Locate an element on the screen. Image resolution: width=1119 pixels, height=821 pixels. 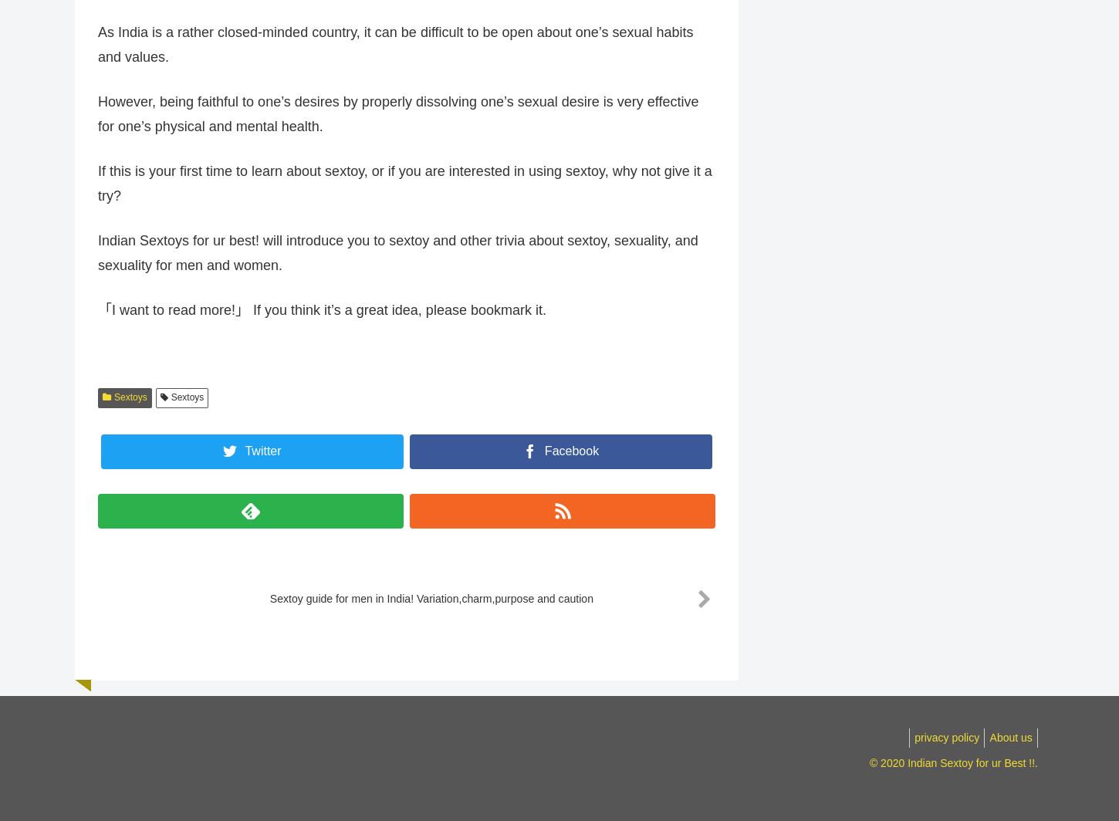
'However, being faithful to one’s desires by properly dissolving one’s sexual desire is very effective for one’s physical and mental health.' is located at coordinates (398, 122).